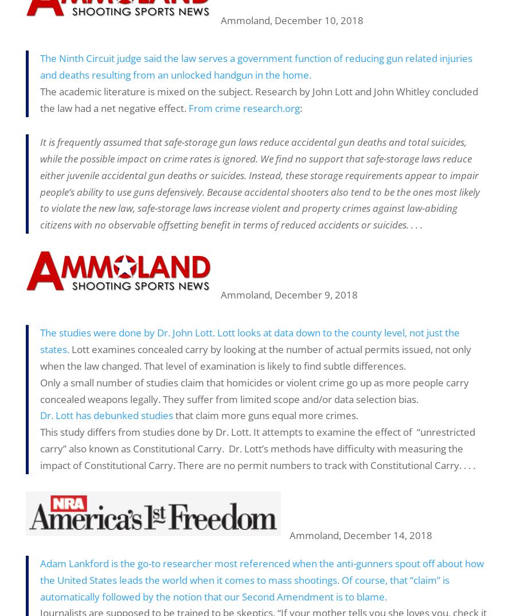 The height and width of the screenshot is (616, 516). What do you see at coordinates (40, 448) in the screenshot?
I see `'This study differs from studies done by Dr. Lott. It attempts to examine the effect of  “unrestricted carry” also known as Constitutional Carry.  Dr. Lott’s methods have difficulty with measuring the impact of Constitutional Carry. There are no permit numbers to track with Constitutional Carry. . . .'` at bounding box center [40, 448].